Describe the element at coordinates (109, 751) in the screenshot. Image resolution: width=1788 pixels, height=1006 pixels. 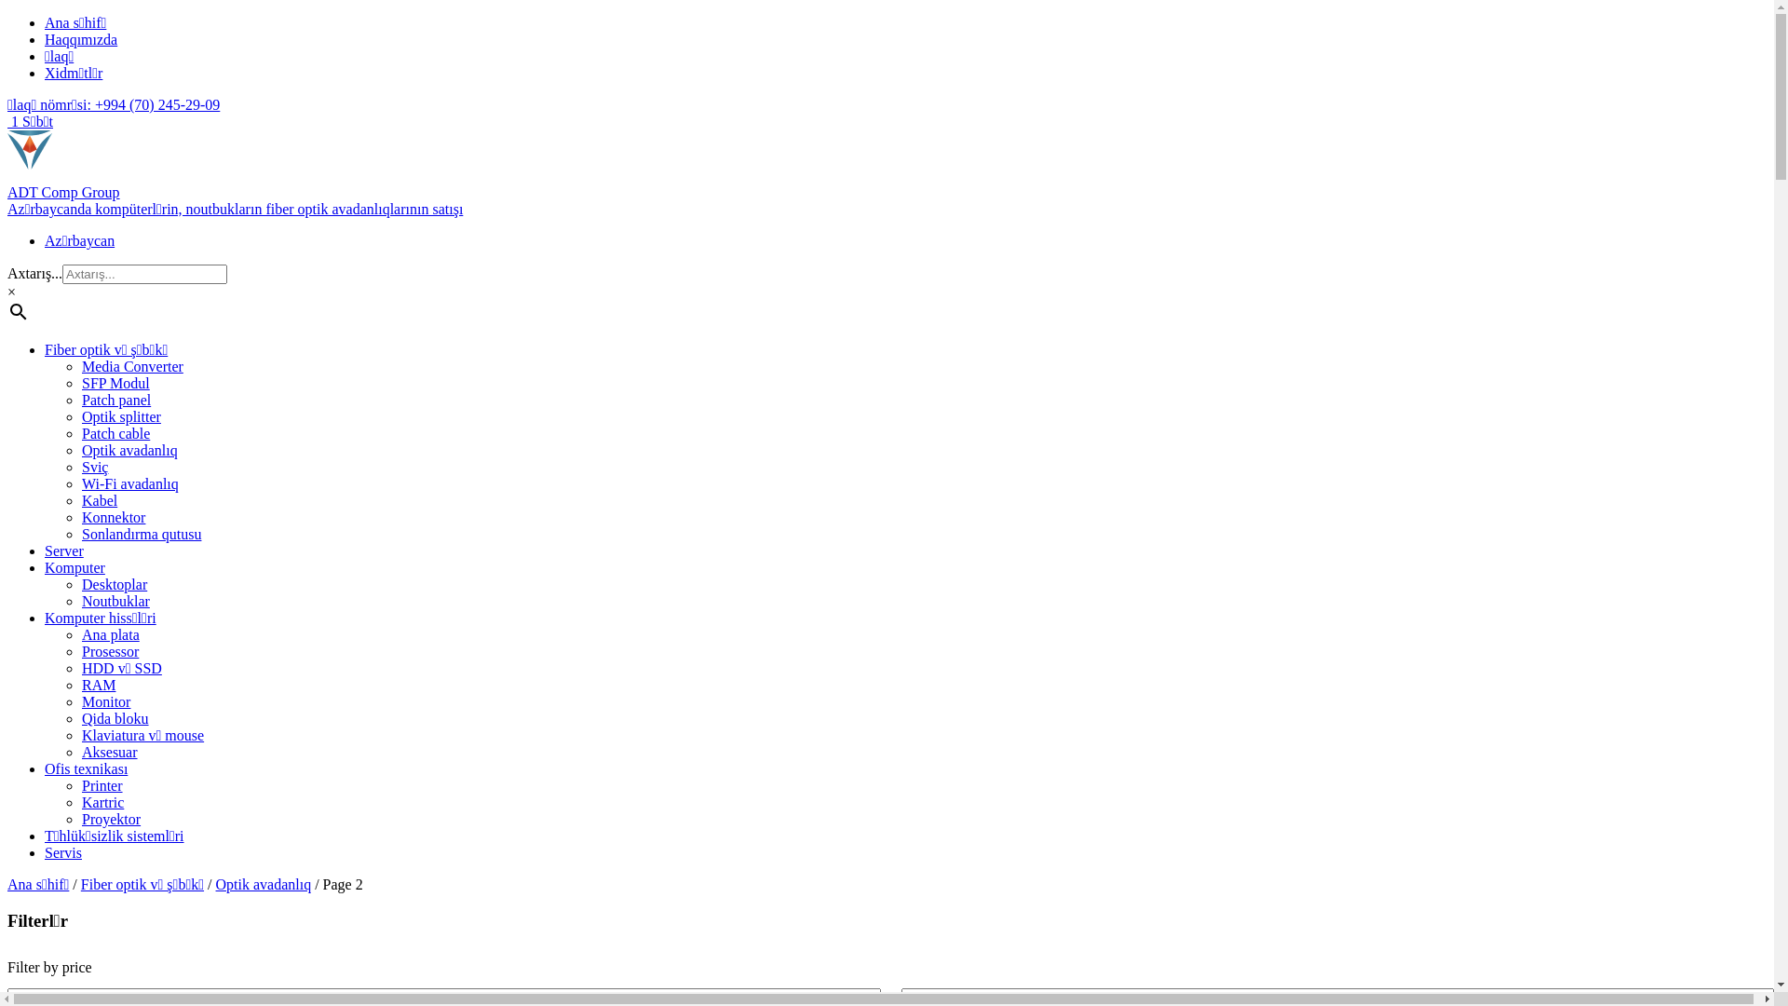
I see `'Aksesuar'` at that location.